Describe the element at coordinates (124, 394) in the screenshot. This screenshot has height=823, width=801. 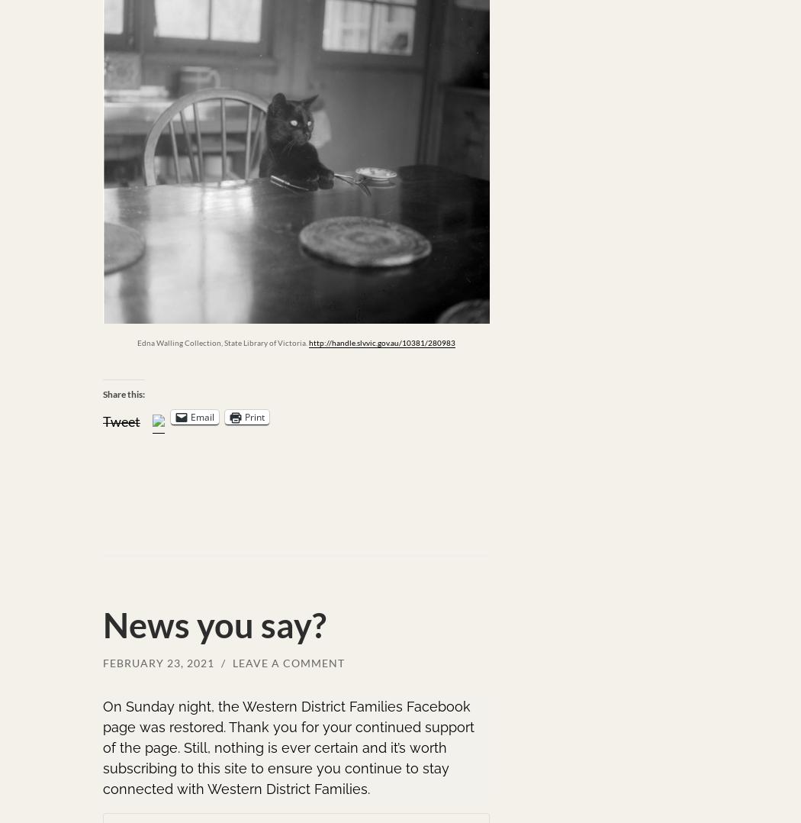
I see `'Share this:'` at that location.